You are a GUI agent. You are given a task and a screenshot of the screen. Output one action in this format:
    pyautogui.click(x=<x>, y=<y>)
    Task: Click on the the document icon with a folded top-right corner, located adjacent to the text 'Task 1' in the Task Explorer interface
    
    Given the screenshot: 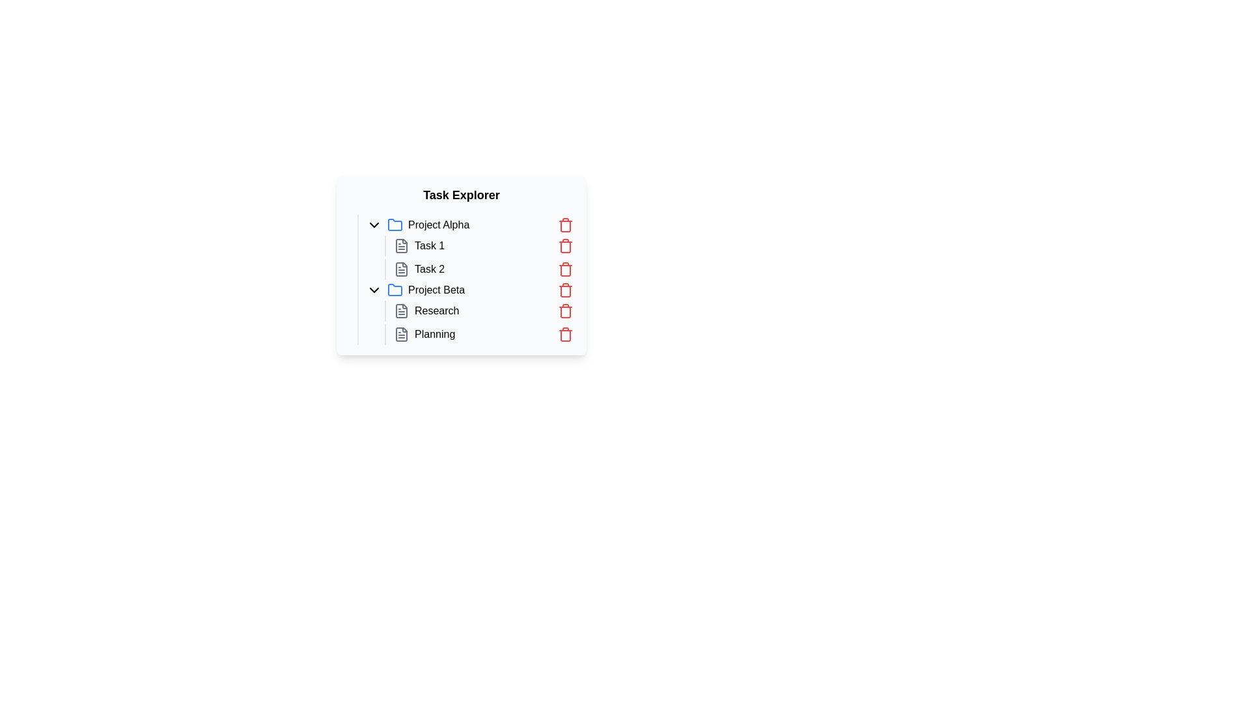 What is the action you would take?
    pyautogui.click(x=401, y=246)
    